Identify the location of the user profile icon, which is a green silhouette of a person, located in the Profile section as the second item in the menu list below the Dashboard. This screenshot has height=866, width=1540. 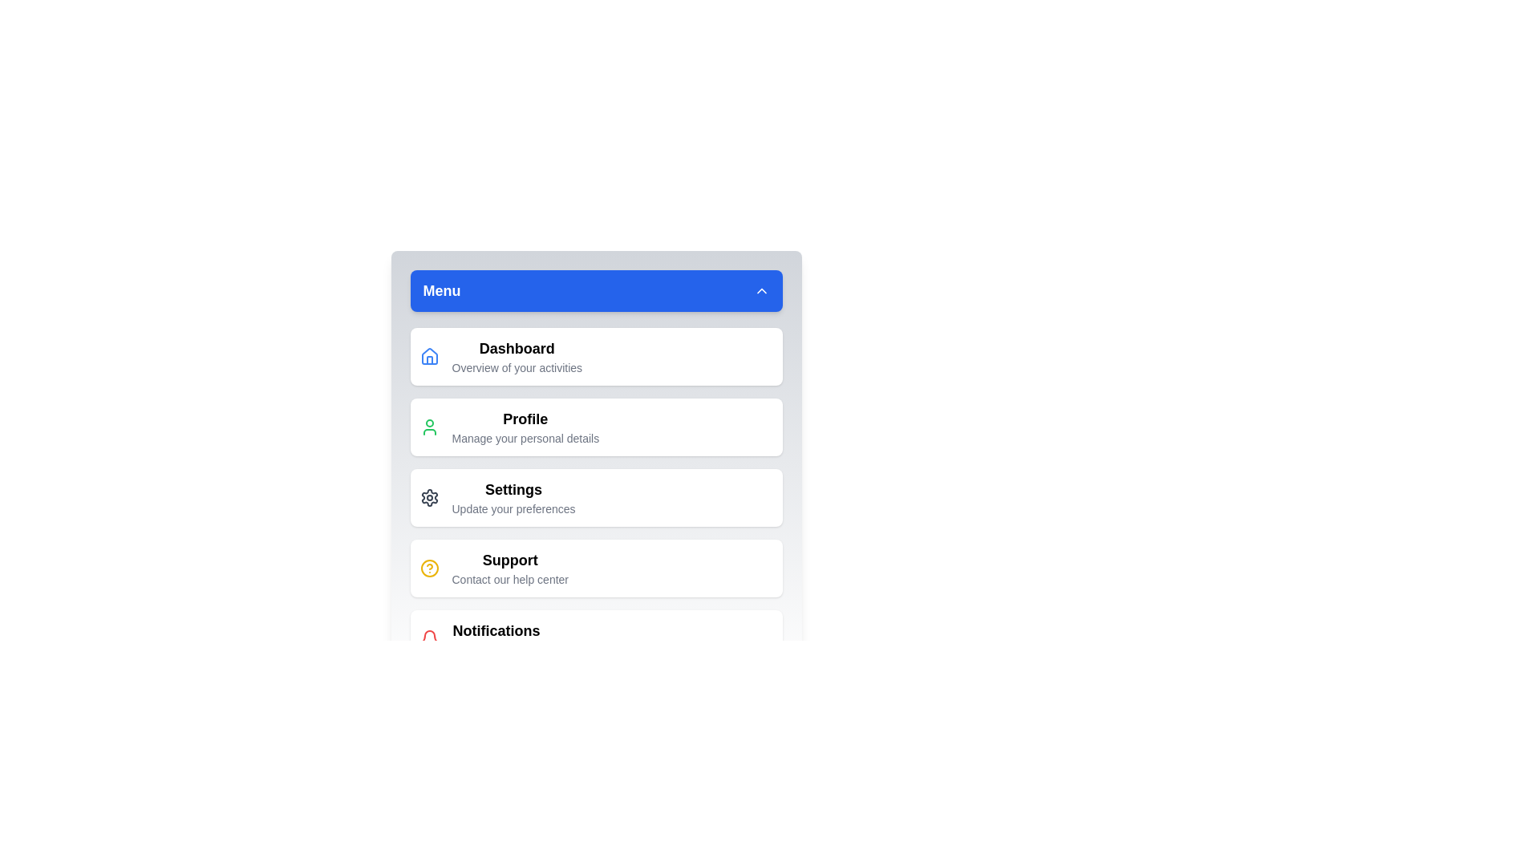
(429, 426).